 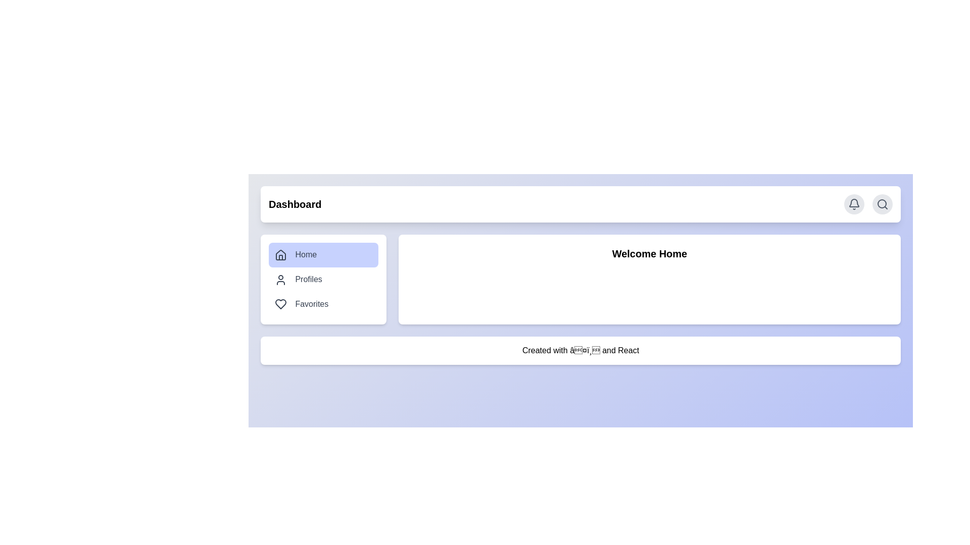 I want to click on the 'Profiles' navigation icon, which is located to the left of the 'Profiles' text in the vertical navigation menu, so click(x=281, y=280).